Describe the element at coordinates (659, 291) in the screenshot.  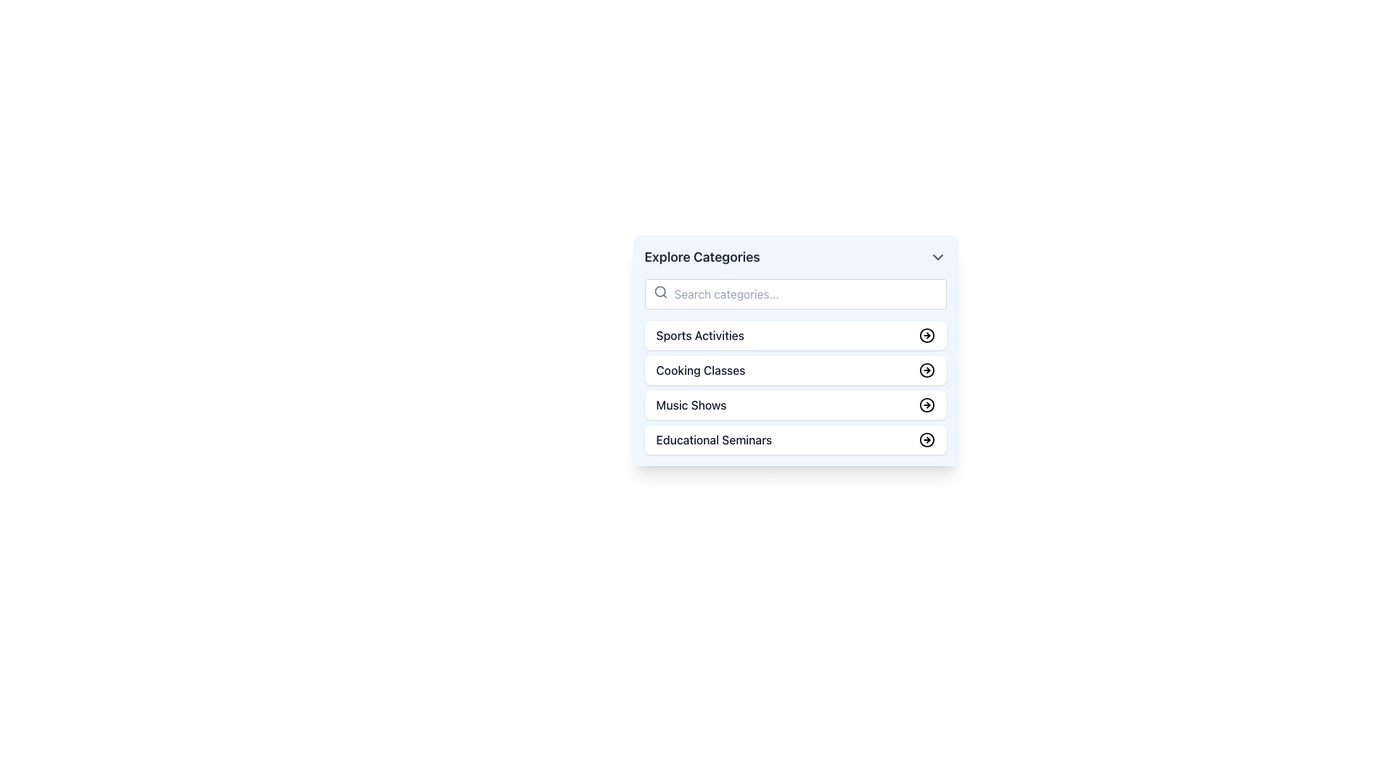
I see `the circular search icon located at the left side of the search bar component, which visually indicates the search functionality` at that location.